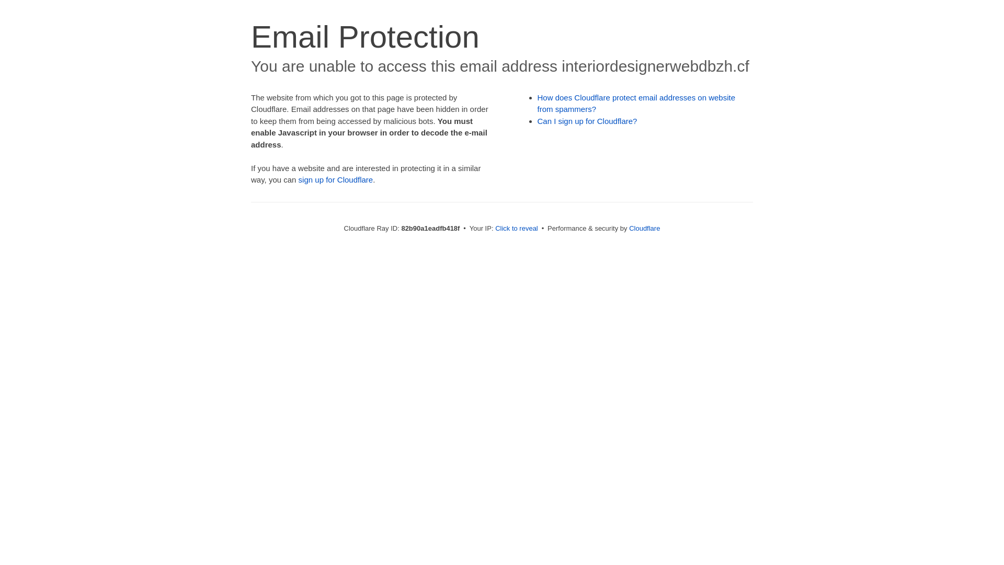 The height and width of the screenshot is (565, 1004). Describe the element at coordinates (336, 179) in the screenshot. I see `'sign up for Cloudflare'` at that location.